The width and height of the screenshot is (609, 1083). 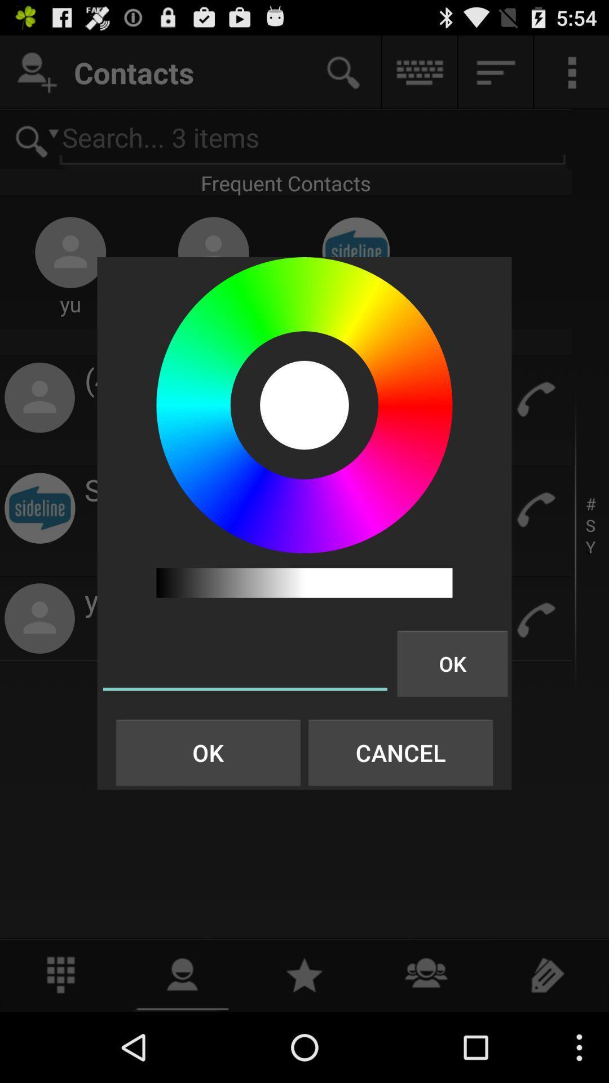 What do you see at coordinates (400, 752) in the screenshot?
I see `the cancel item` at bounding box center [400, 752].